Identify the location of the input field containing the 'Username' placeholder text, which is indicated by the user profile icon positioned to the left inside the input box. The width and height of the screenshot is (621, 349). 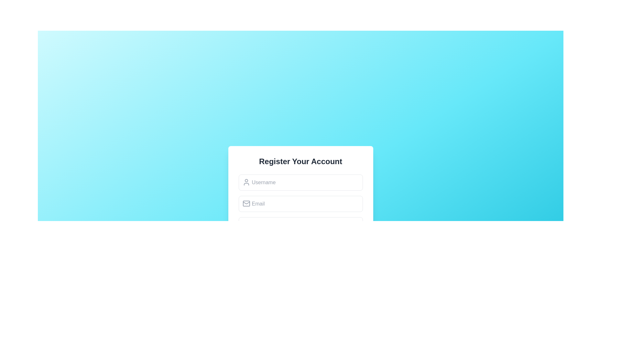
(246, 182).